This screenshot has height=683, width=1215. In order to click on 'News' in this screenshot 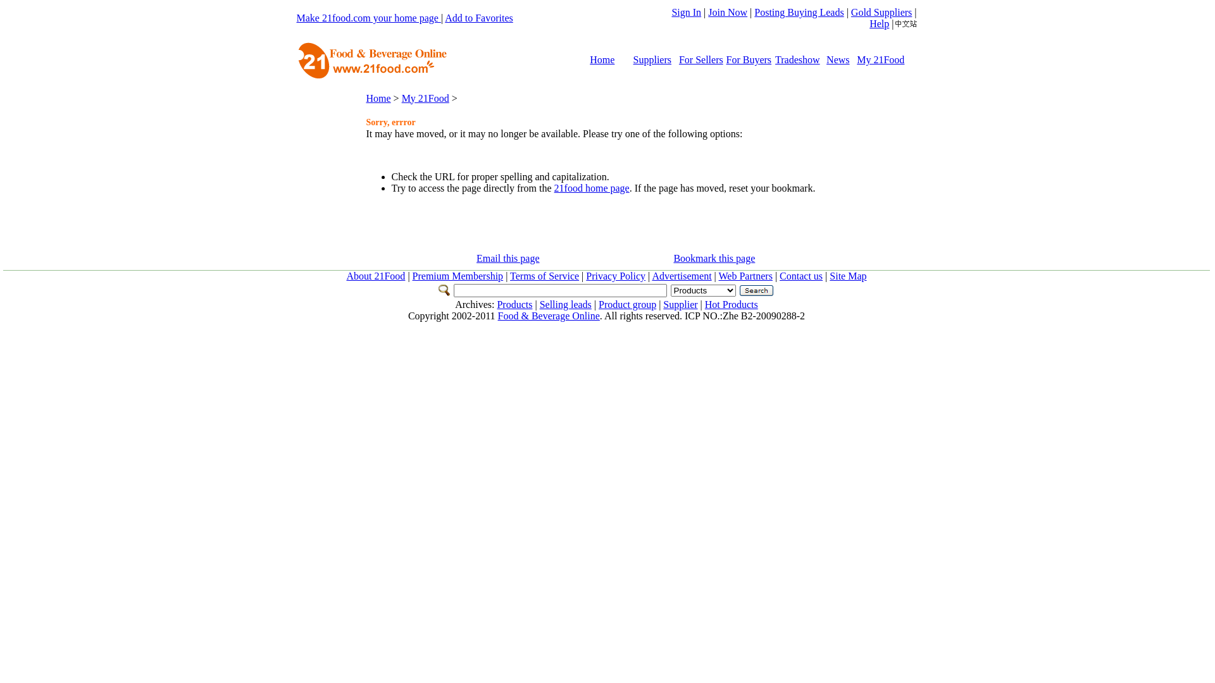, I will do `click(826, 59)`.